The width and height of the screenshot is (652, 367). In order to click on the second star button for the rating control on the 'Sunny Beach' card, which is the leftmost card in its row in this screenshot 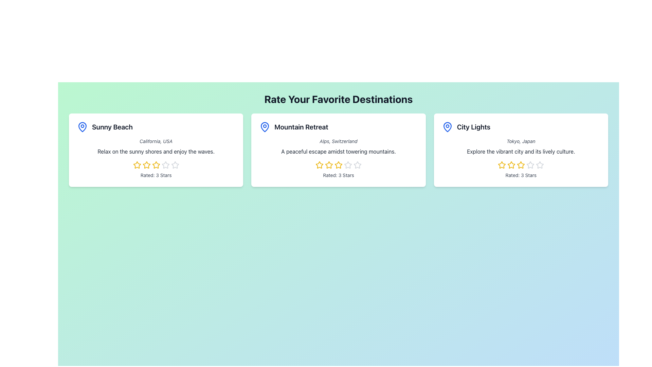, I will do `click(146, 165)`.